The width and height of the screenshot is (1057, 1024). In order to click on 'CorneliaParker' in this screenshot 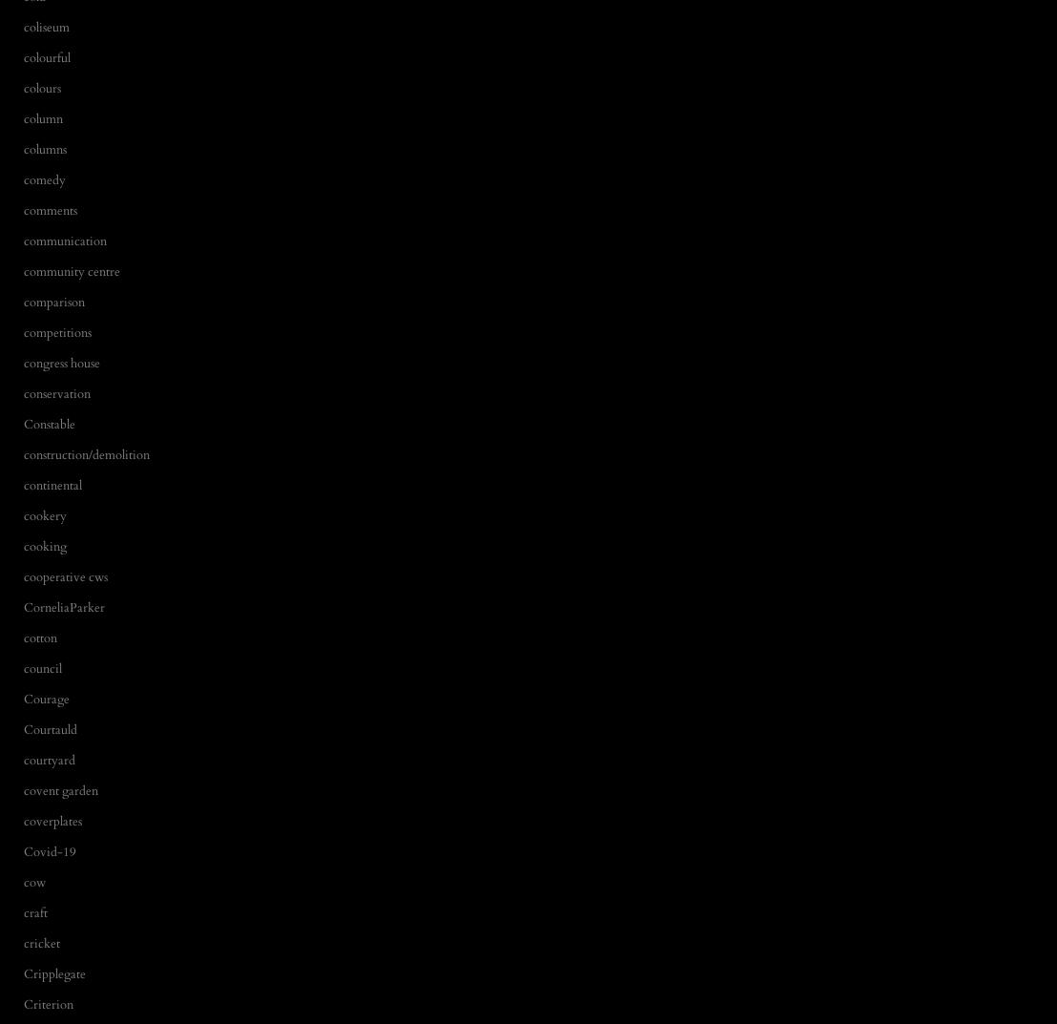, I will do `click(63, 605)`.